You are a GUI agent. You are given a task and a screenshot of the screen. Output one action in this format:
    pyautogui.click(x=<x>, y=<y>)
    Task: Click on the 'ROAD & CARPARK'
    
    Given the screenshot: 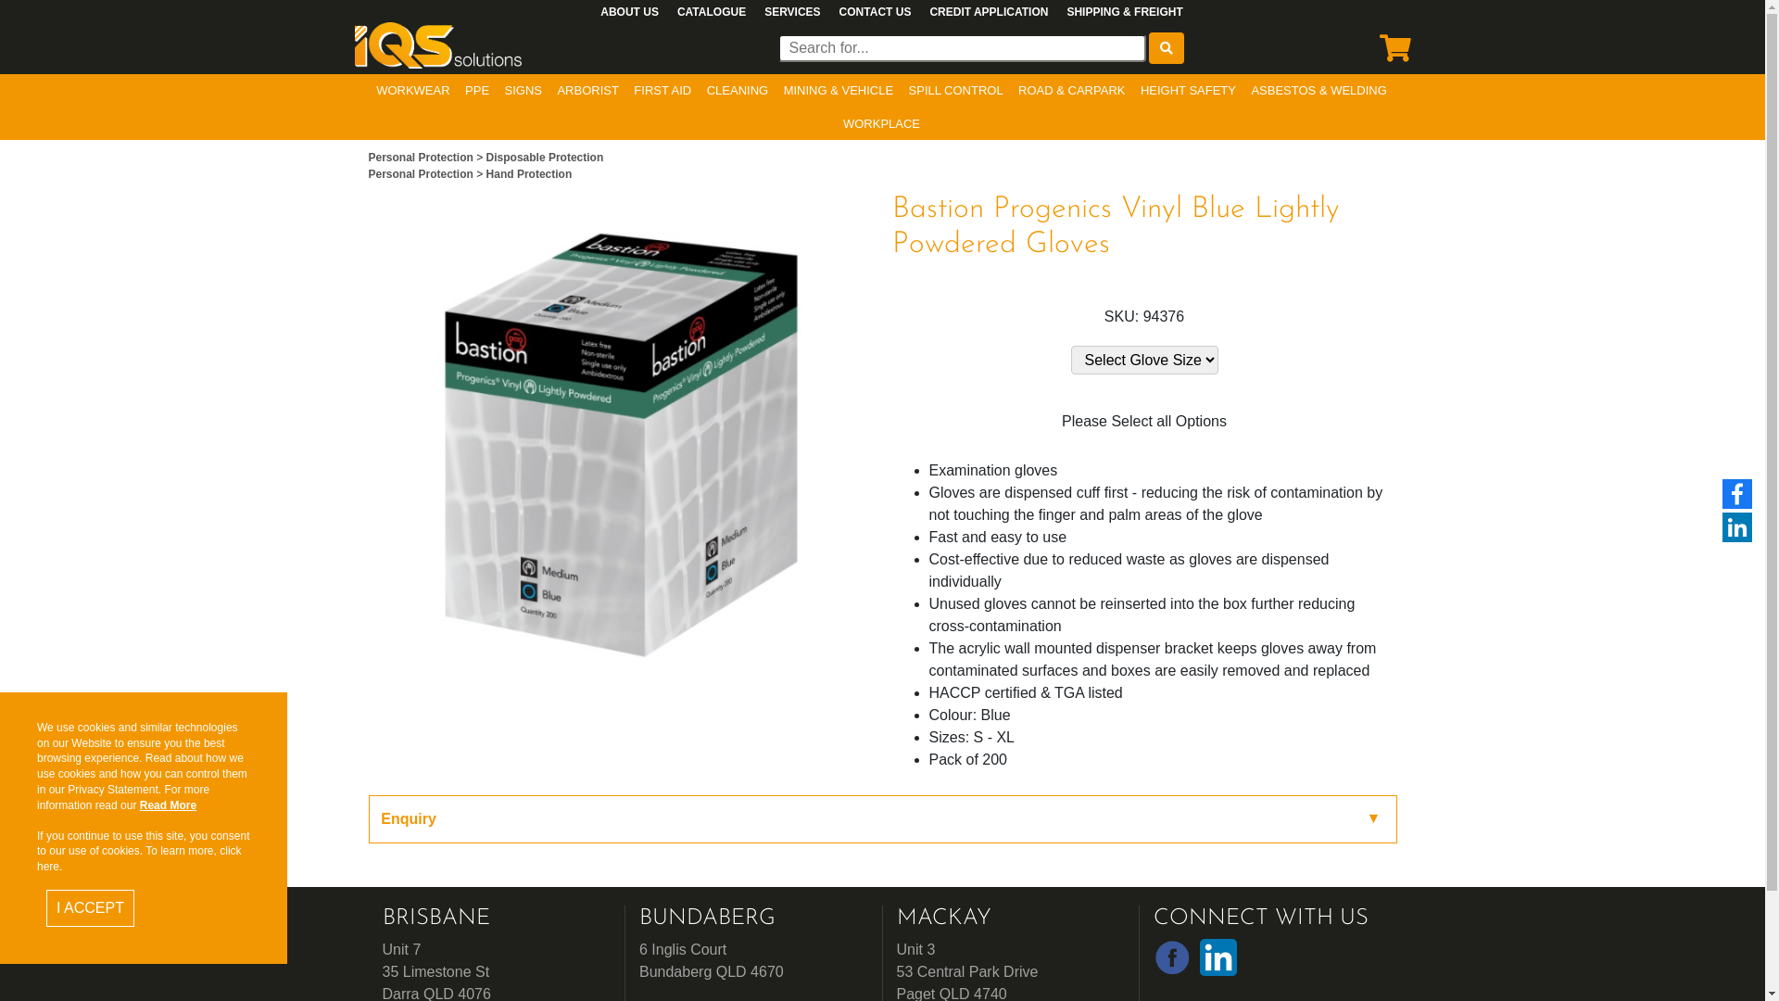 What is the action you would take?
    pyautogui.click(x=1071, y=90)
    